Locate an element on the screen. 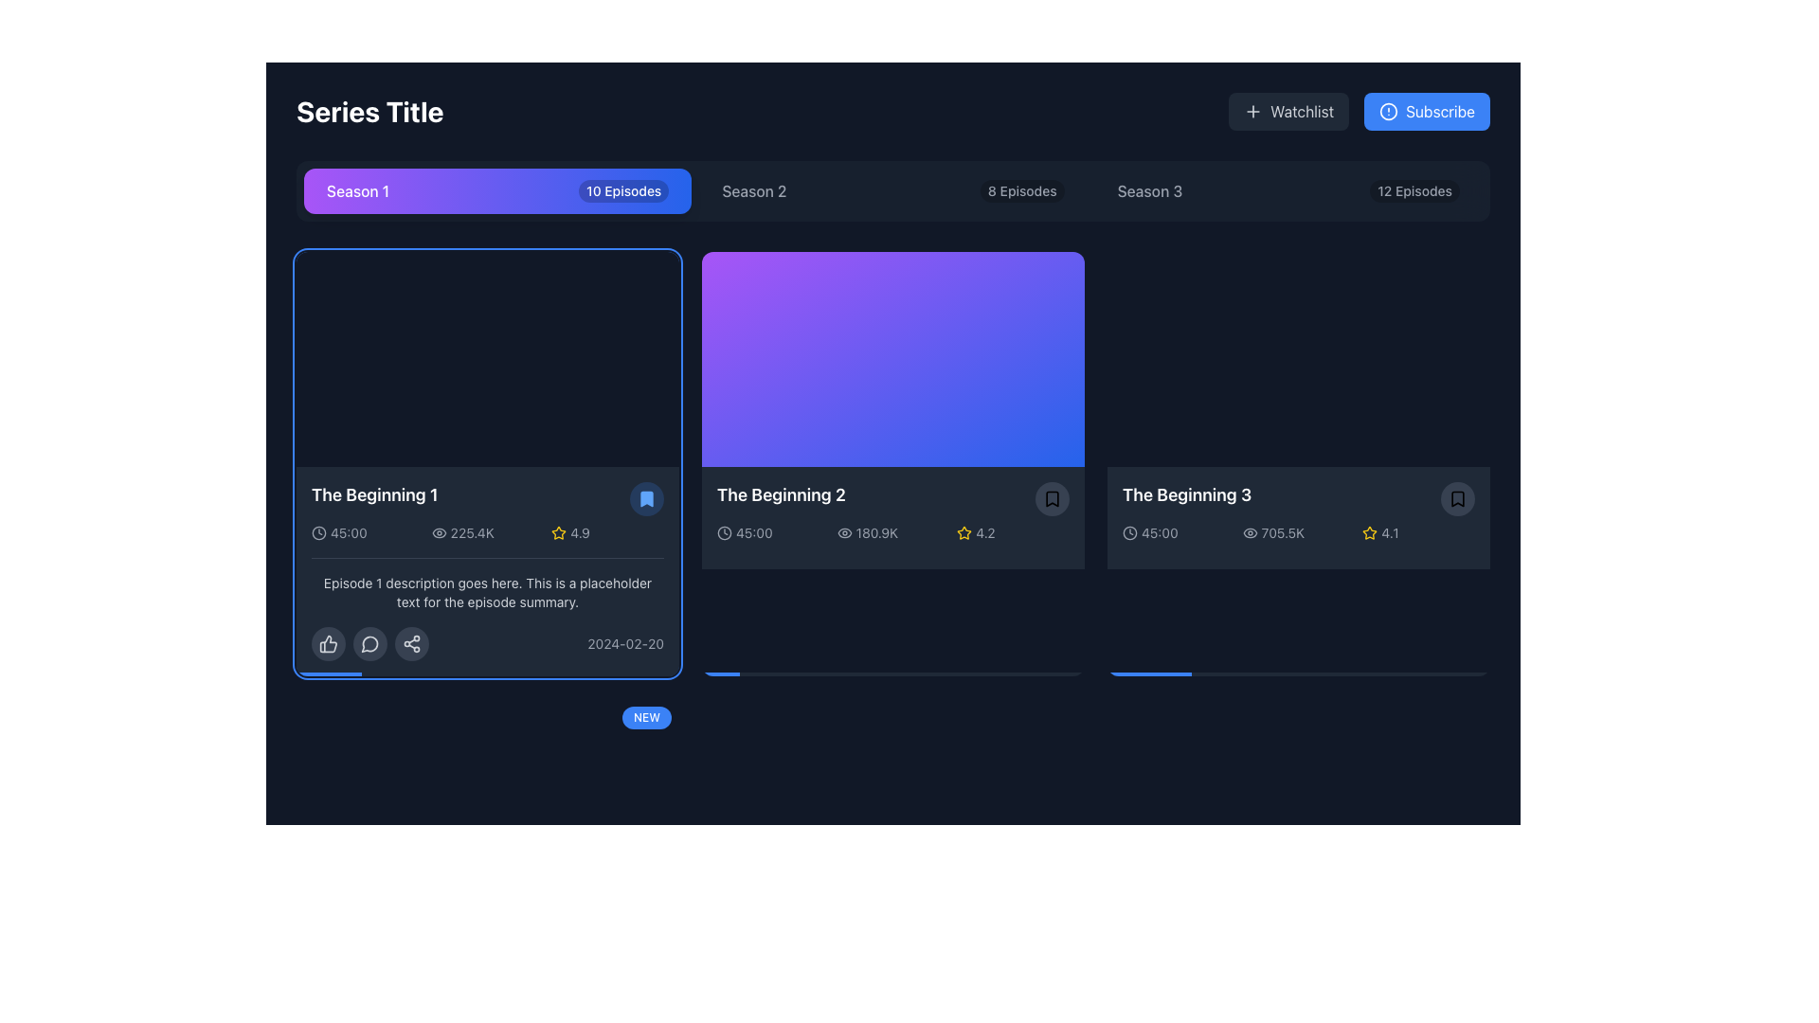 The height and width of the screenshot is (1023, 1819). the star icon representing the rating system in the 'The Beginning 3' card, which signifies the quality or popularity of the item is located at coordinates (1370, 533).